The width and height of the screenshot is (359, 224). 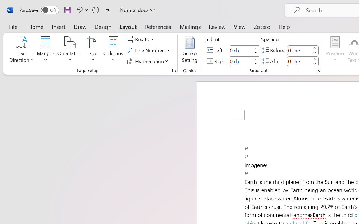 I want to click on 'Help', so click(x=284, y=26).